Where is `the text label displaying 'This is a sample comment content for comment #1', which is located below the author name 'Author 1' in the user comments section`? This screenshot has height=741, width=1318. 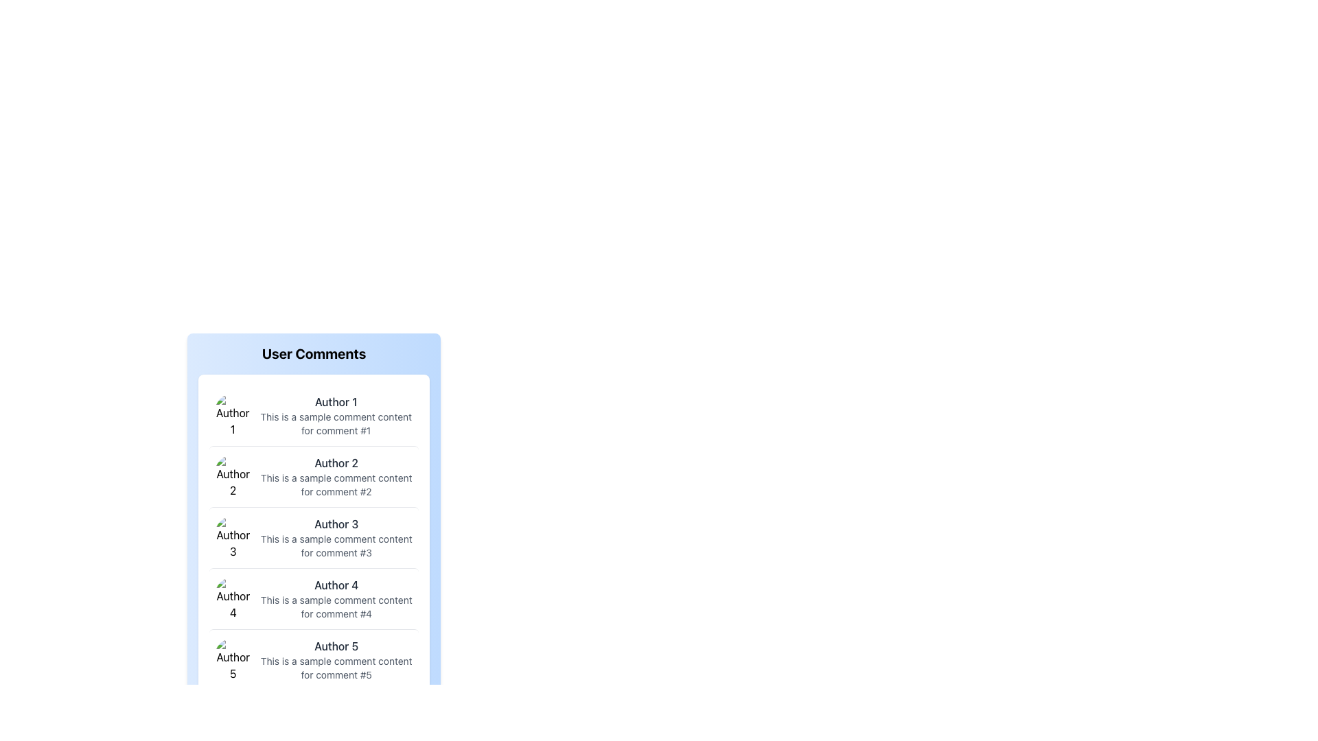
the text label displaying 'This is a sample comment content for comment #1', which is located below the author name 'Author 1' in the user comments section is located at coordinates (336, 423).